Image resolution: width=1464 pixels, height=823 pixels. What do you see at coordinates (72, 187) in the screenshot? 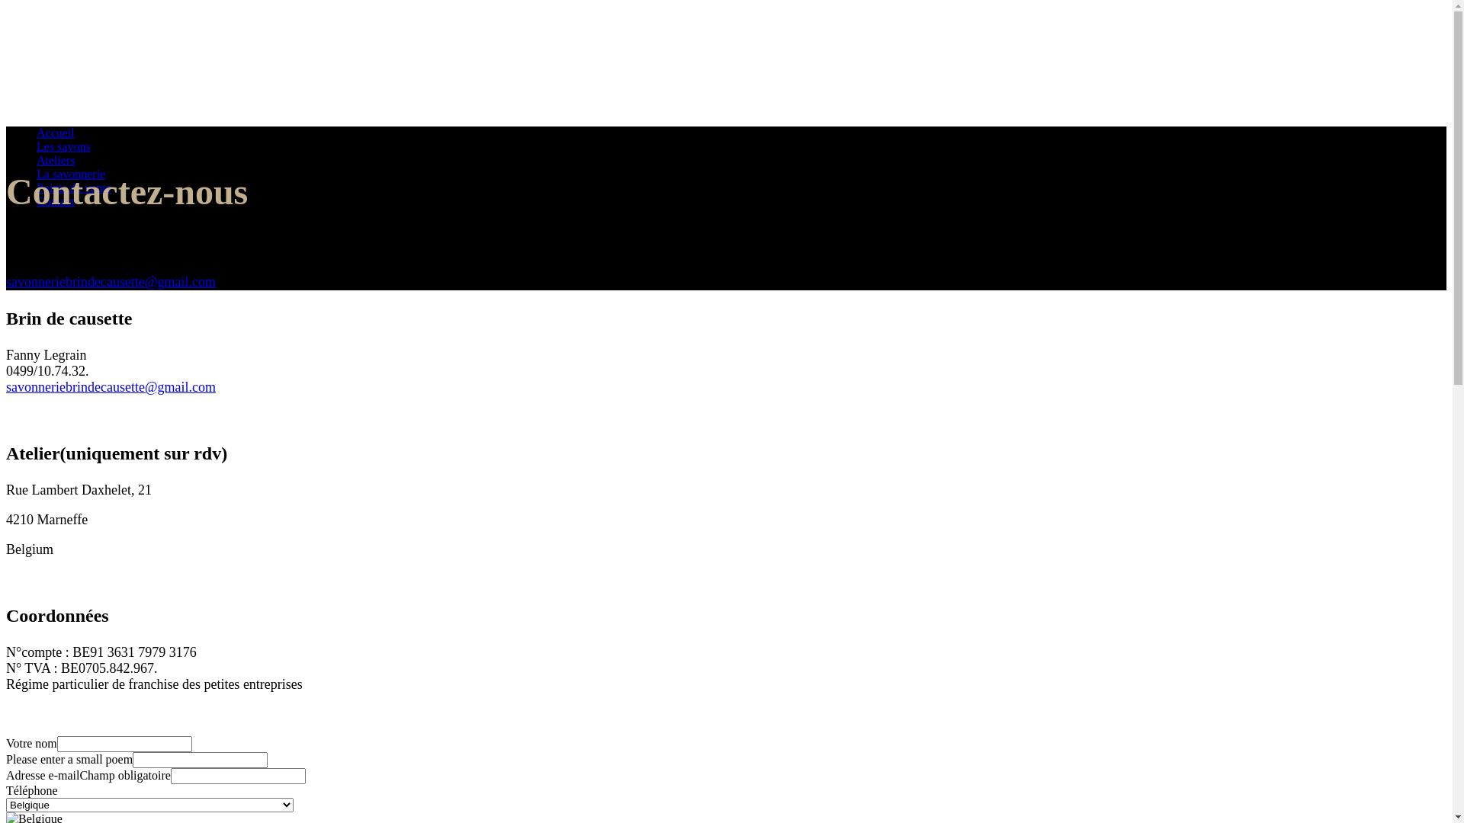
I see `'Points de vente'` at bounding box center [72, 187].